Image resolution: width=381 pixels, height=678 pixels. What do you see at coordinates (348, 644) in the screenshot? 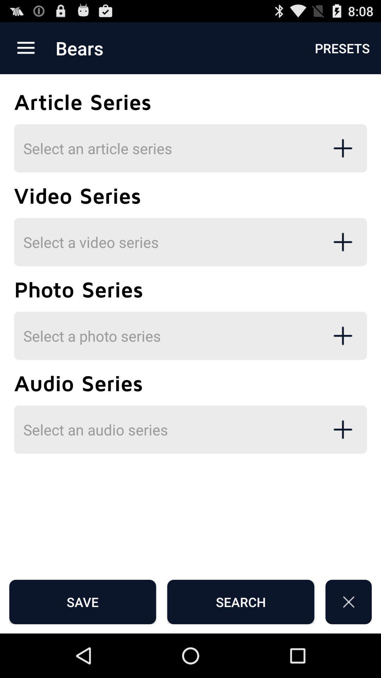
I see `the close icon` at bounding box center [348, 644].